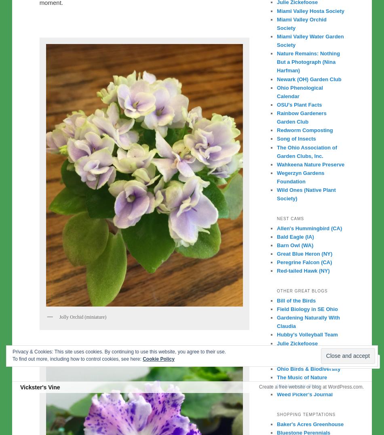 The image size is (384, 435). Describe the element at coordinates (294, 245) in the screenshot. I see `'Barn Owl (WA)'` at that location.